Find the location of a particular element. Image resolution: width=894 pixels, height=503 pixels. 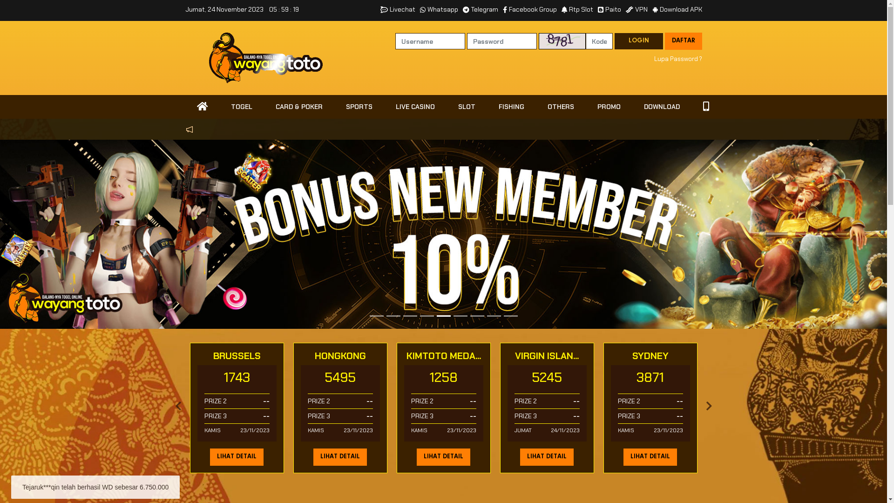

'SLOT' is located at coordinates (466, 106).